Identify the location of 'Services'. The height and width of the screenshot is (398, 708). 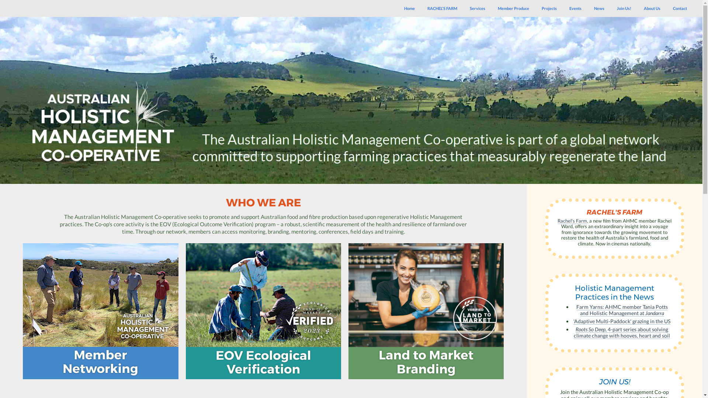
(478, 8).